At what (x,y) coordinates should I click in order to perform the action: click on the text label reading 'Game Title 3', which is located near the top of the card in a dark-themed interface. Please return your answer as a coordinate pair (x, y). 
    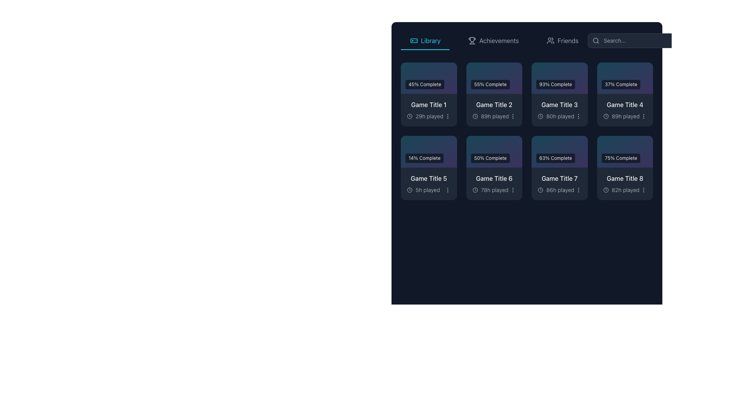
    Looking at the image, I should click on (560, 105).